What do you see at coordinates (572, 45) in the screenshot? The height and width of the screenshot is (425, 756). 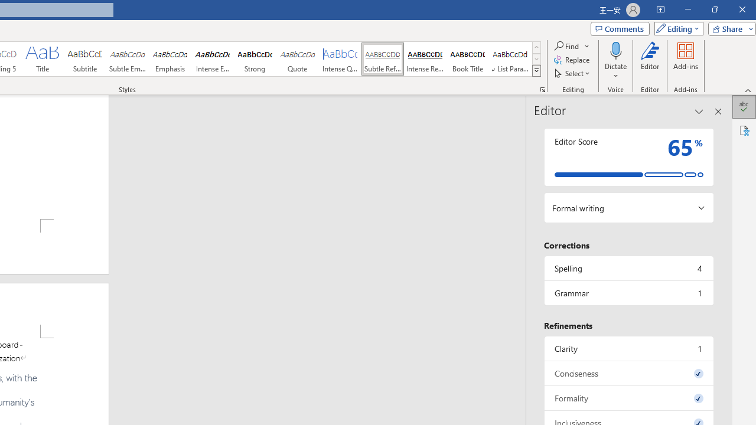 I see `'Find'` at bounding box center [572, 45].